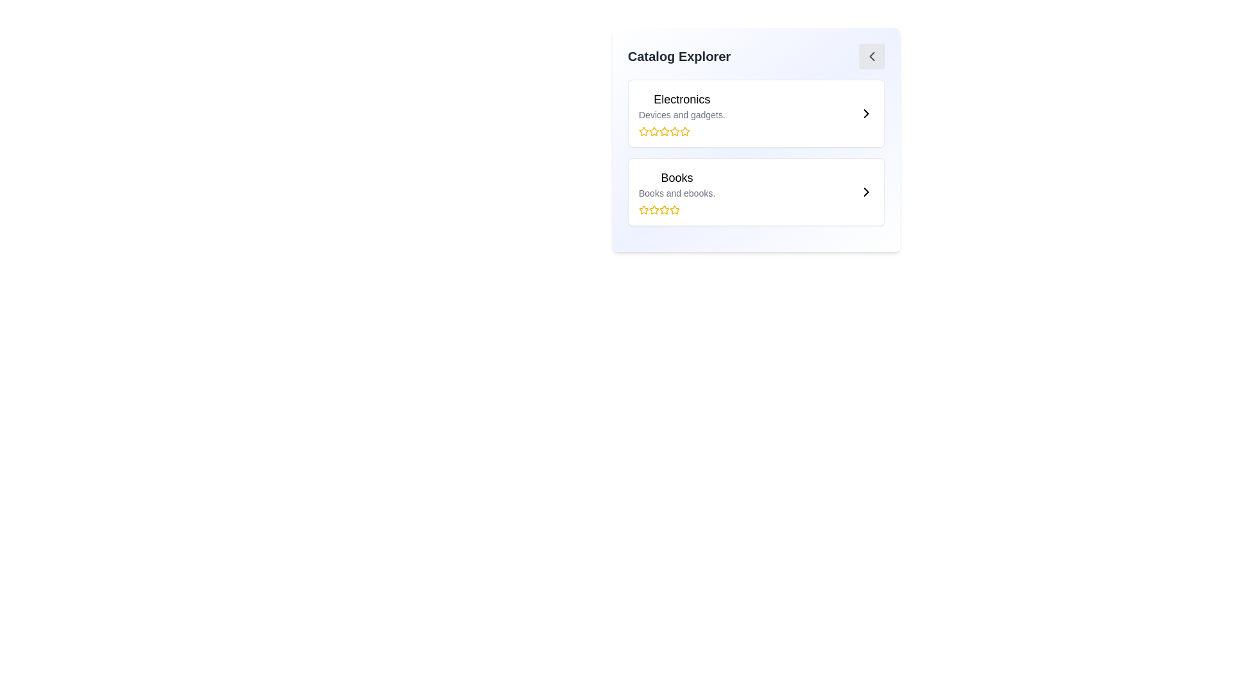 The height and width of the screenshot is (694, 1234). Describe the element at coordinates (872, 56) in the screenshot. I see `the navigation button located in the upper-right corner of the 'Catalog Explorer' section` at that location.